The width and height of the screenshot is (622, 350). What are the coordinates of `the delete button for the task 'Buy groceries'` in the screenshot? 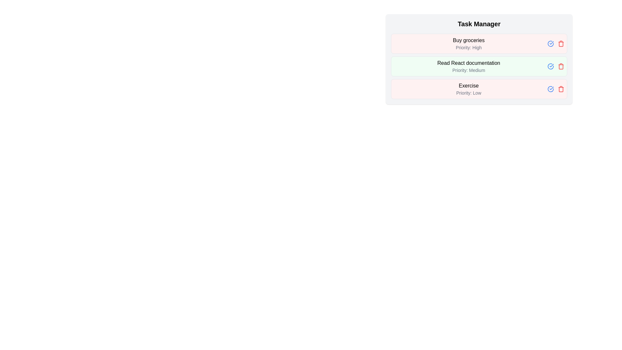 It's located at (561, 44).